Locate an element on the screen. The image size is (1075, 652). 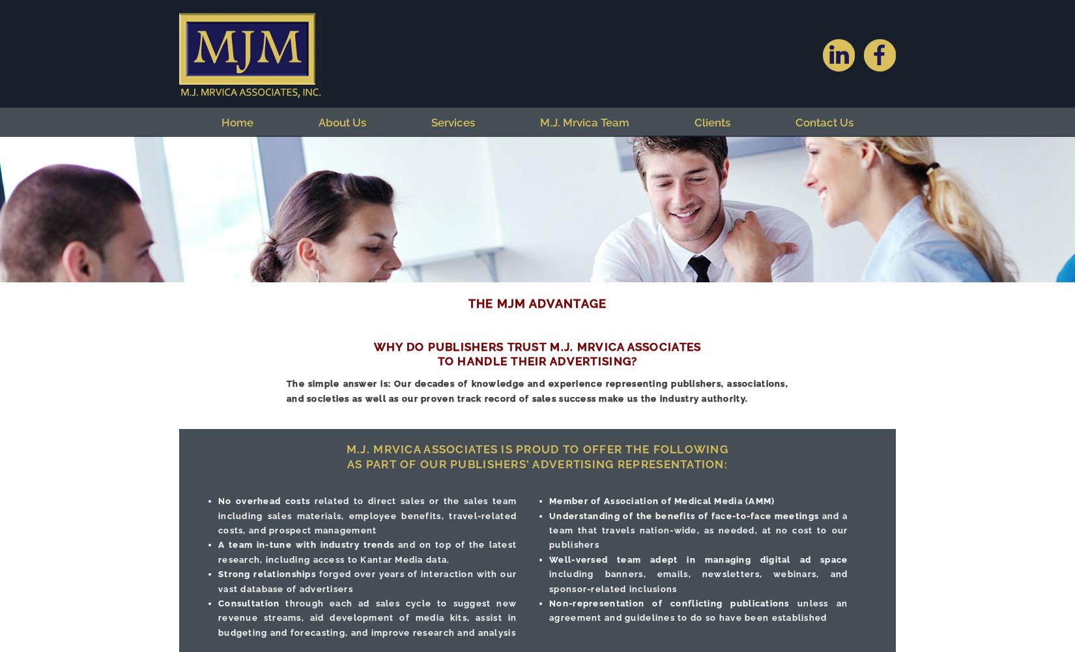
'Understanding  of the benefits of face-to-face meetings' is located at coordinates (549, 515).